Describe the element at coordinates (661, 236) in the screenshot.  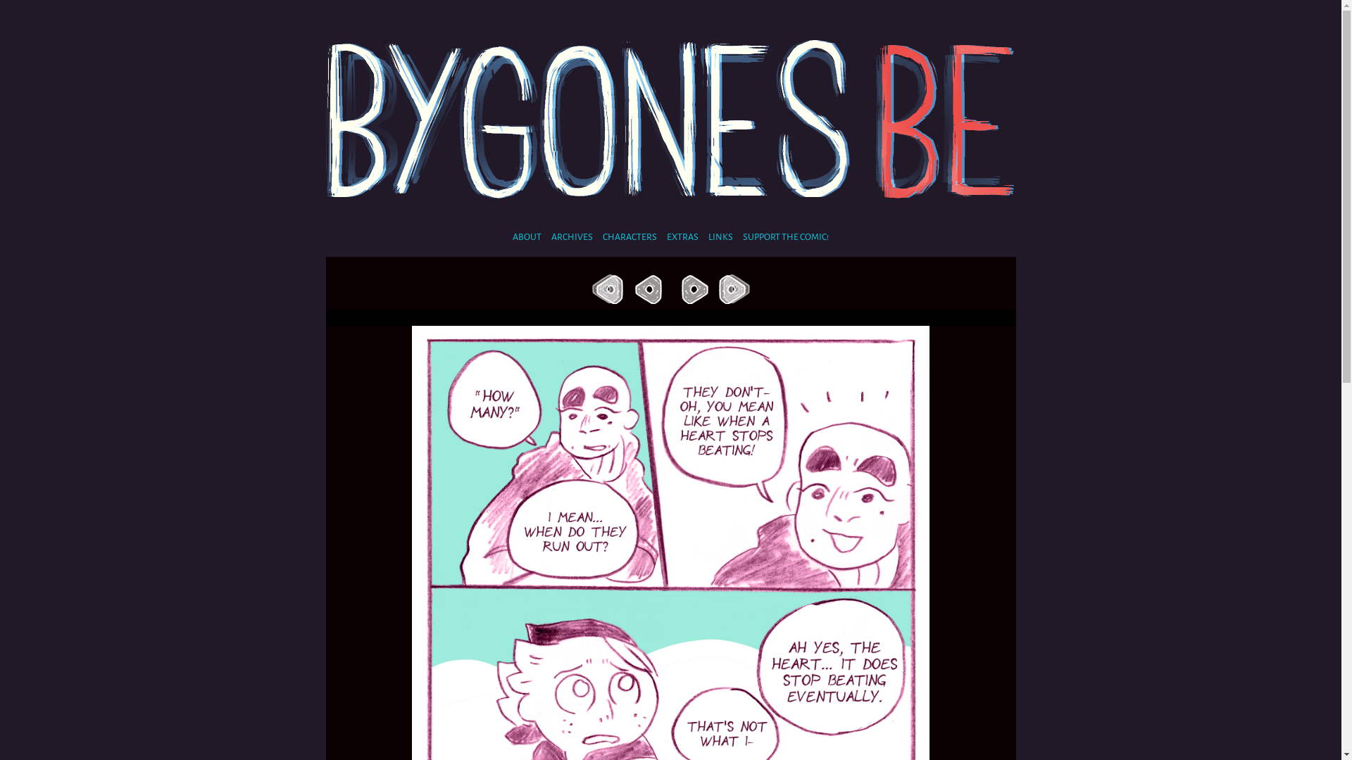
I see `'EXTRAS'` at that location.